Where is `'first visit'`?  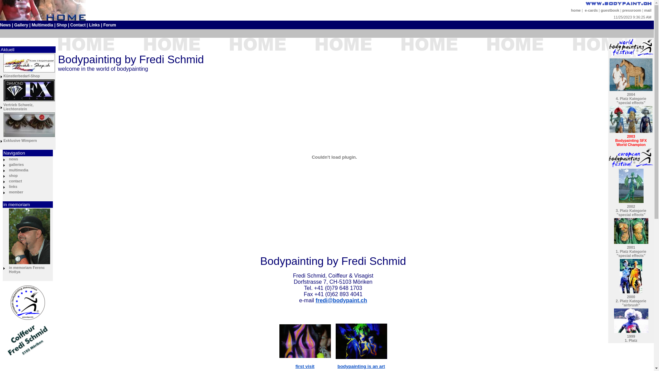
'first visit' is located at coordinates (304, 366).